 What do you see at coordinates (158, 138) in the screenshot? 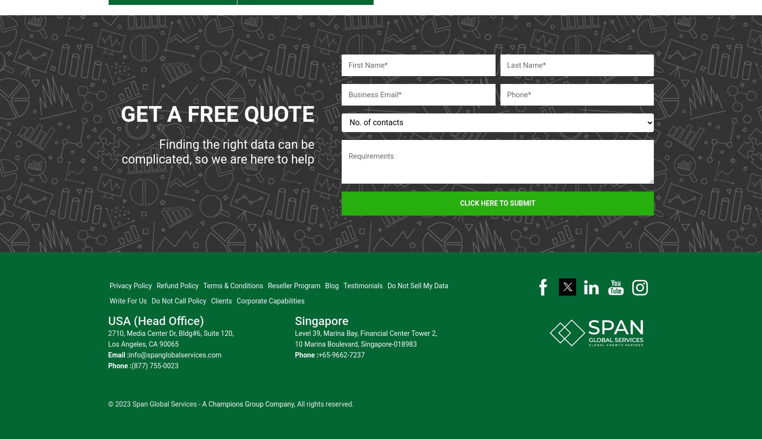
I see `'Finding the right data can be'` at bounding box center [158, 138].